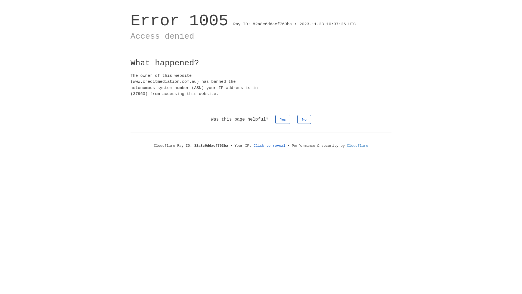  What do you see at coordinates (269, 145) in the screenshot?
I see `'Click to reveal'` at bounding box center [269, 145].